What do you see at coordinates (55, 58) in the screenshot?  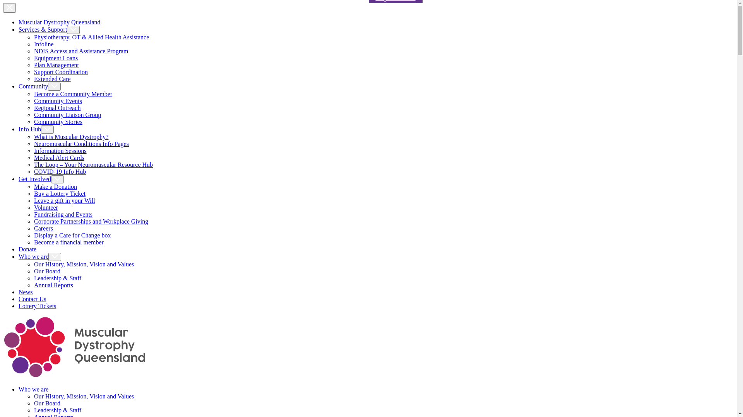 I see `'Equipment Loans'` at bounding box center [55, 58].